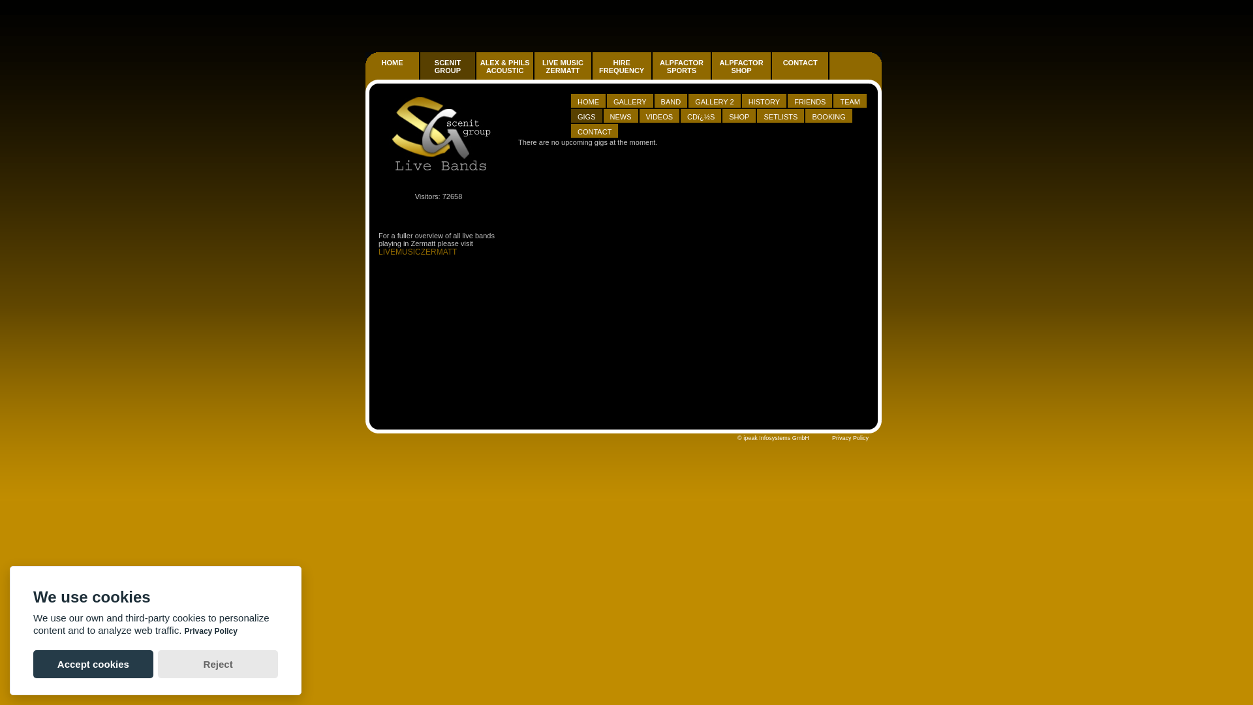 This screenshot has height=705, width=1253. I want to click on 'ALPFACTOR, so click(681, 66).